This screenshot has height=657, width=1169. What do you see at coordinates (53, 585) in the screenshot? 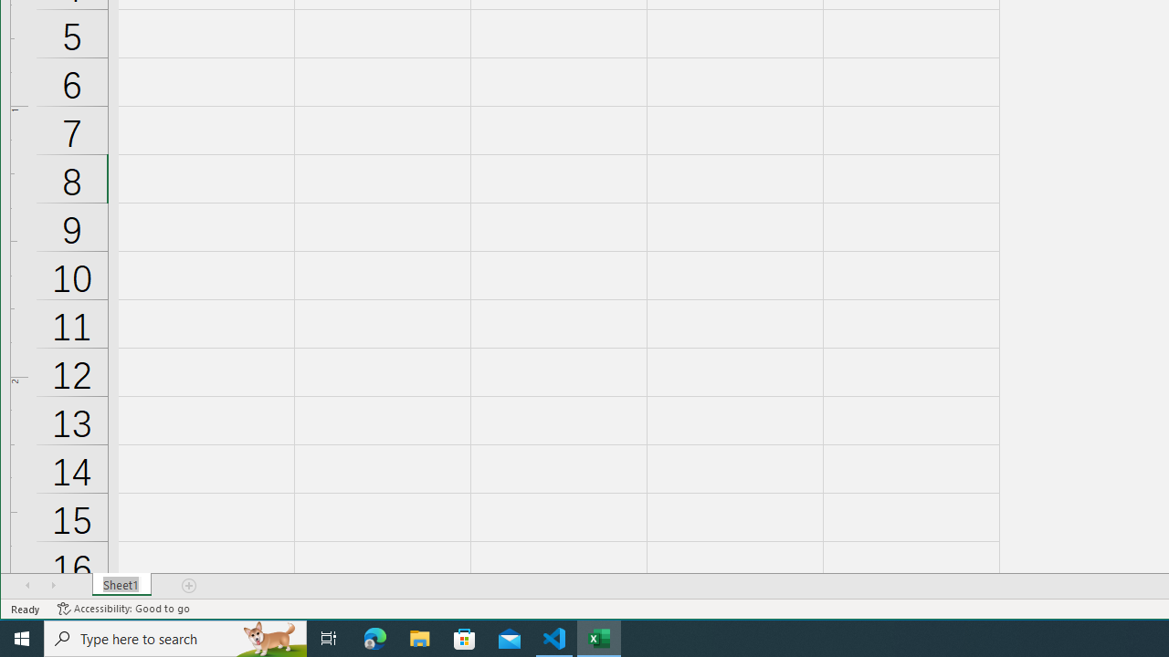
I see `'Scroll Right'` at bounding box center [53, 585].